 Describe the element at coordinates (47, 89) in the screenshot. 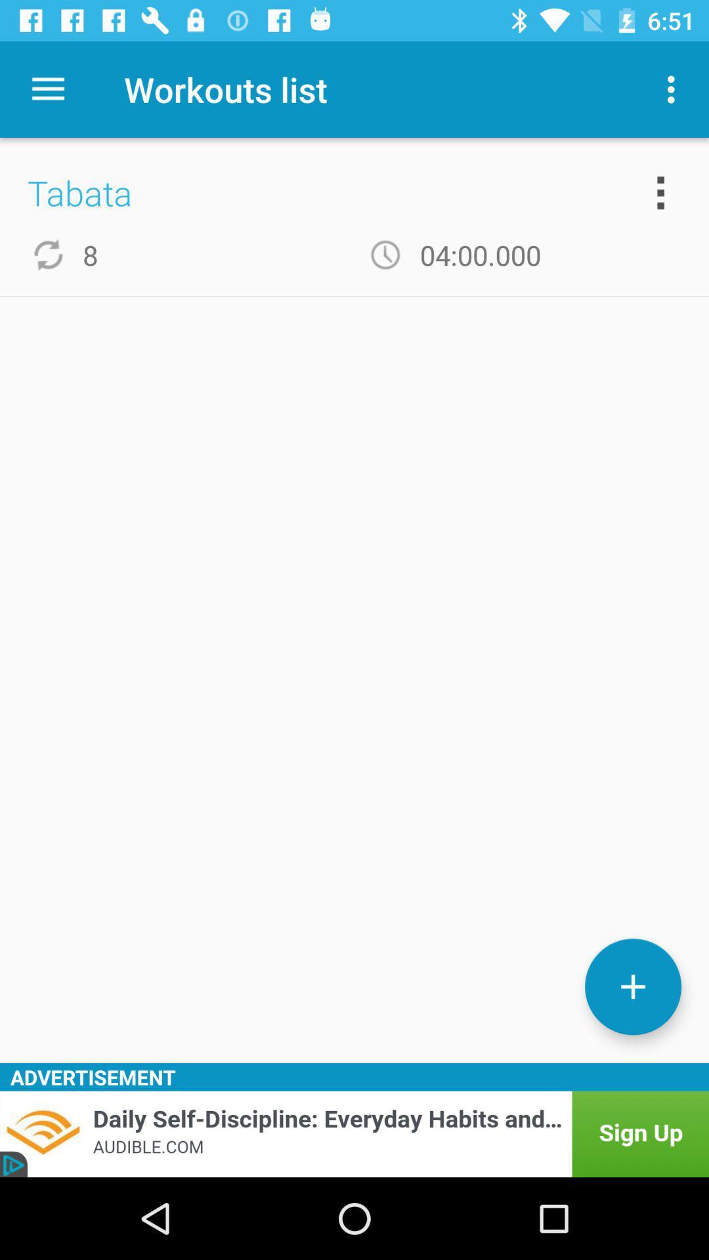

I see `the icon to the left of workouts list icon` at that location.